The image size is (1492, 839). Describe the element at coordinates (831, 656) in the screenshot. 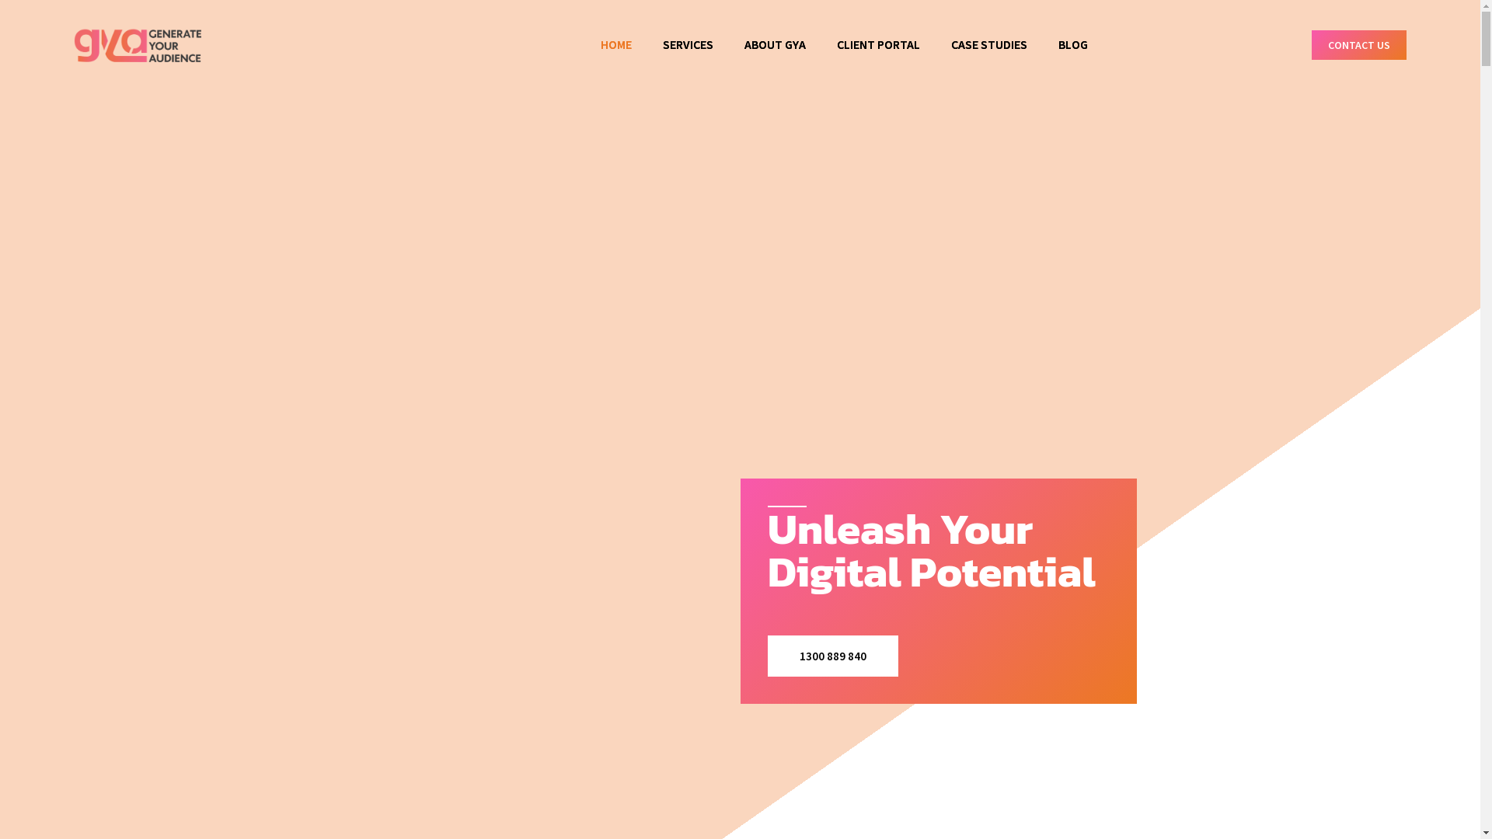

I see `'1300 889 840'` at that location.